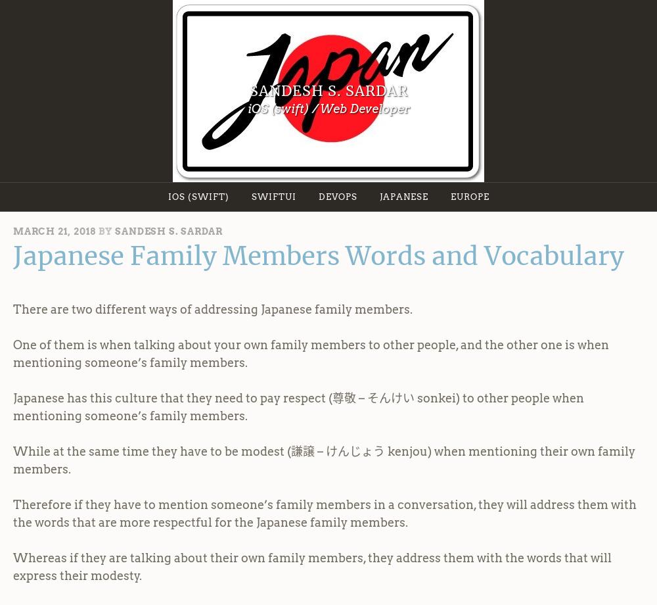 This screenshot has height=605, width=657. I want to click on 'While at the same time they have to be modest (謙譲 – けんじょう kenjou) when mentioning their own family members.', so click(13, 460).